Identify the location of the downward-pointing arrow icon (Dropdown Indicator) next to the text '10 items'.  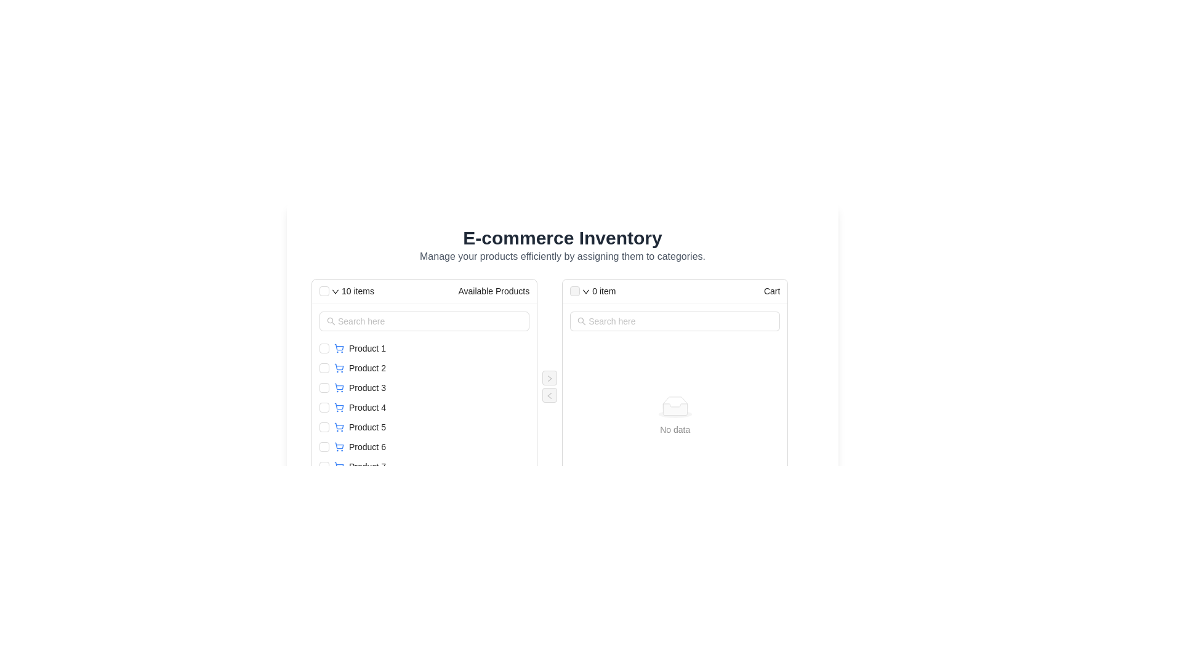
(336, 292).